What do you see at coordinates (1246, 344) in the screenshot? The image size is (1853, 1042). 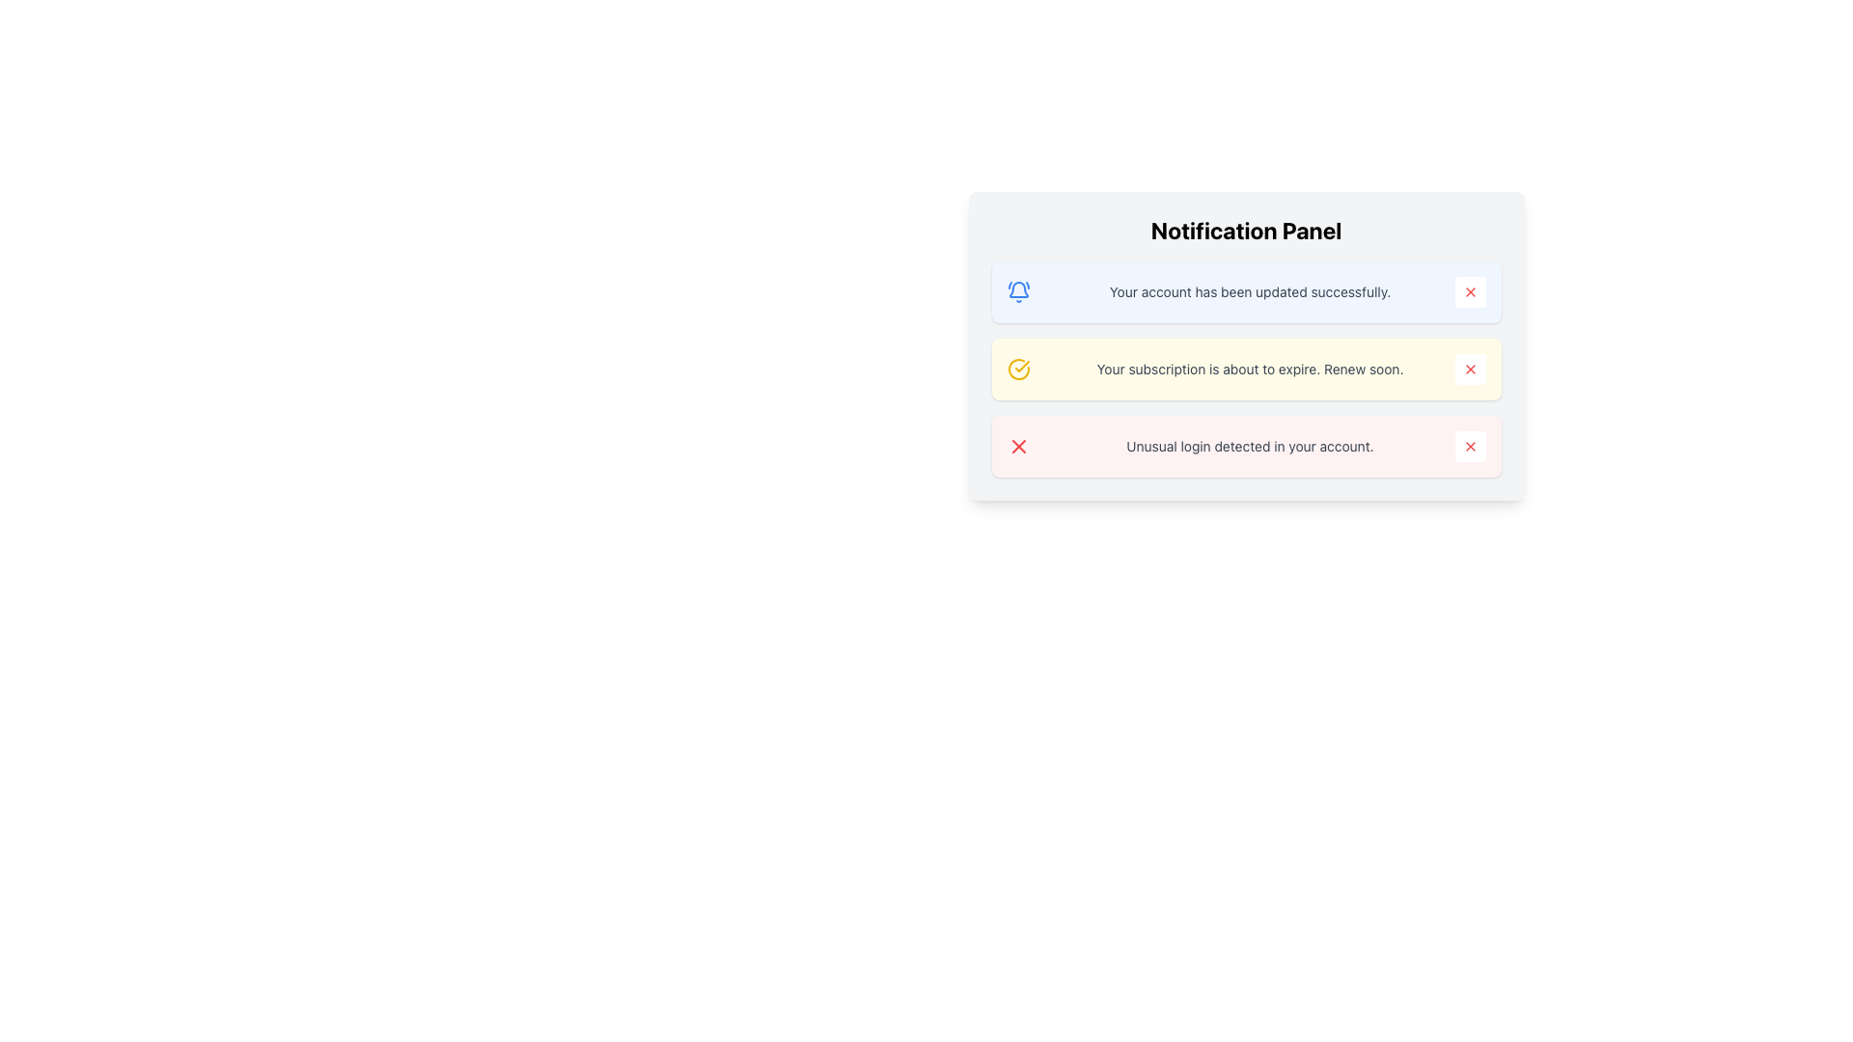 I see `the notification box with the message 'Your subscription is about to expire. Renew soon.'` at bounding box center [1246, 344].